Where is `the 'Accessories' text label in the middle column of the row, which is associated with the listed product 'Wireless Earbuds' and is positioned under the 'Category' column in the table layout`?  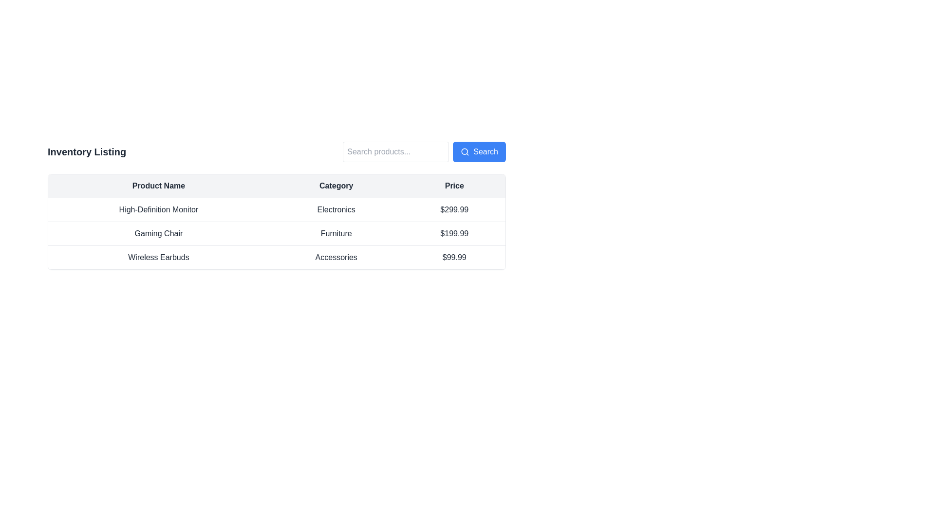
the 'Accessories' text label in the middle column of the row, which is associated with the listed product 'Wireless Earbuds' and is positioned under the 'Category' column in the table layout is located at coordinates (336, 257).